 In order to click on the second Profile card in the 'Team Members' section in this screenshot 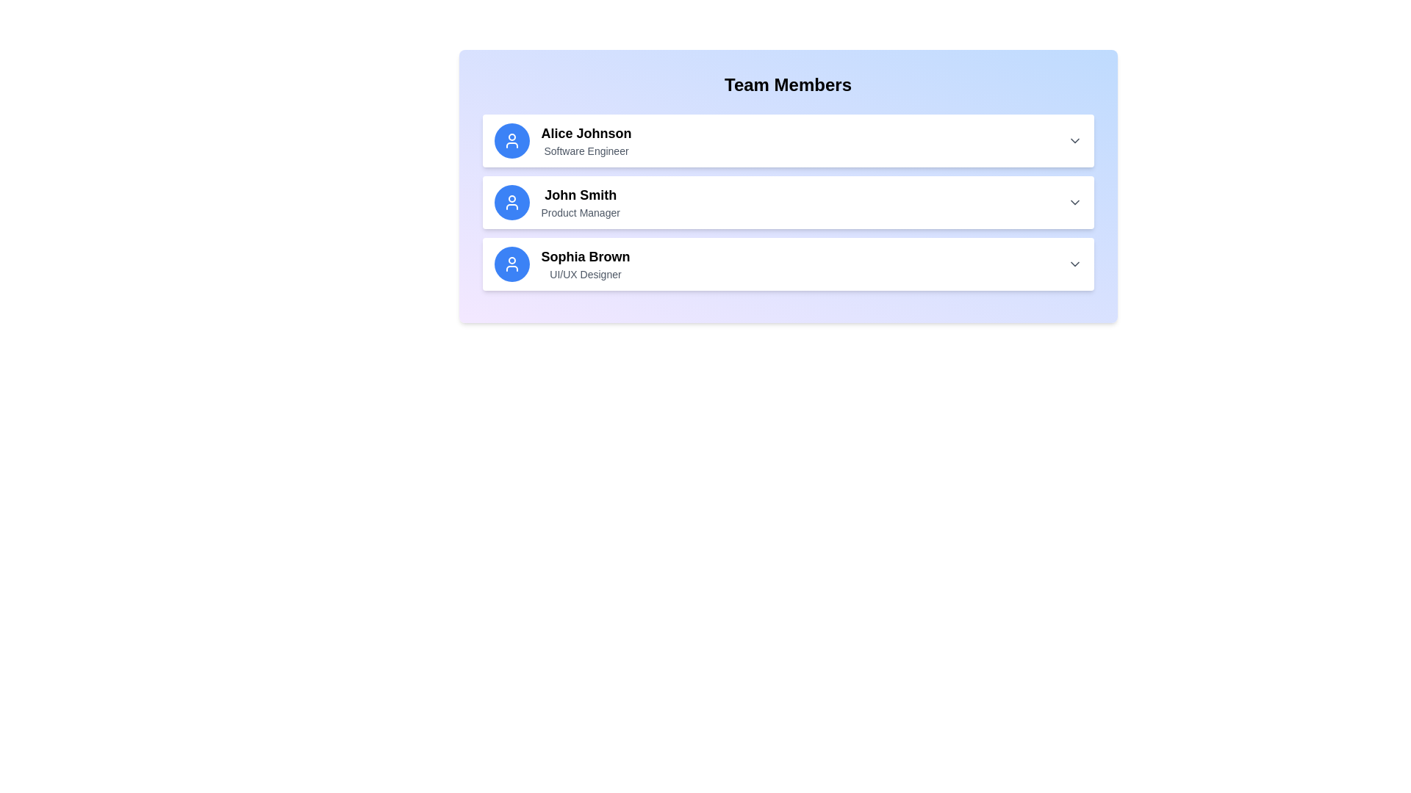, I will do `click(787, 203)`.